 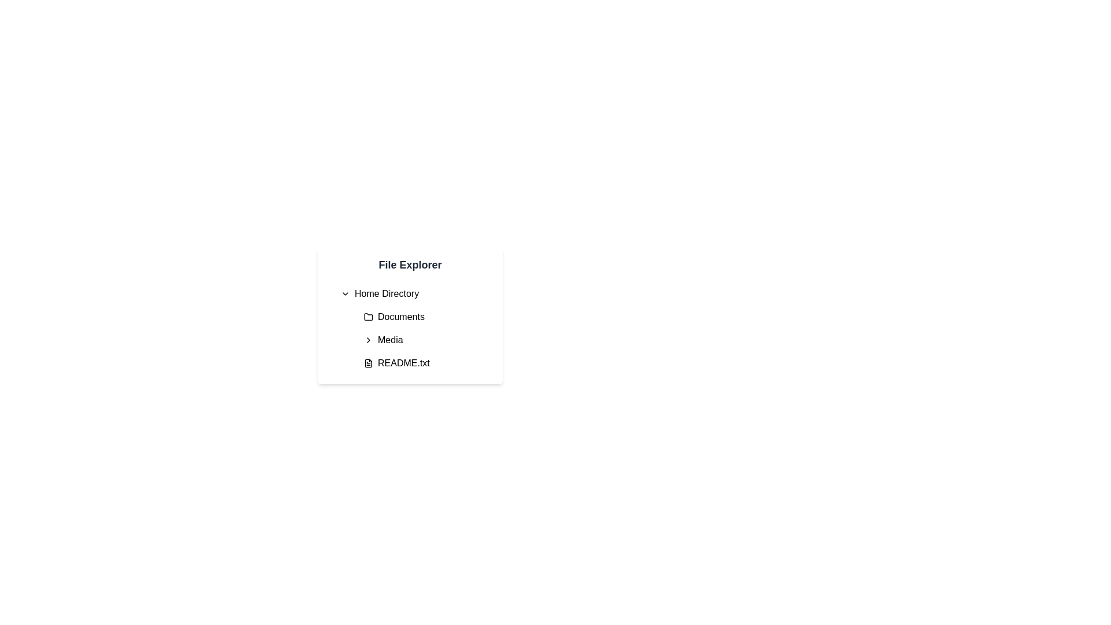 What do you see at coordinates (403, 363) in the screenshot?
I see `the 'README.txt' text label, which is the third item under the 'Media' folder` at bounding box center [403, 363].